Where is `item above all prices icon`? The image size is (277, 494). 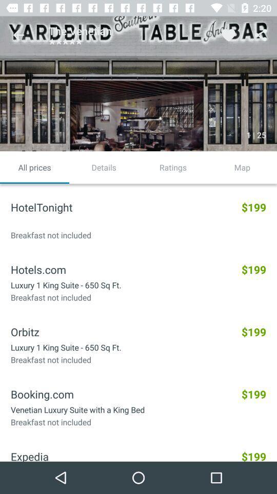 item above all prices icon is located at coordinates (18, 35).